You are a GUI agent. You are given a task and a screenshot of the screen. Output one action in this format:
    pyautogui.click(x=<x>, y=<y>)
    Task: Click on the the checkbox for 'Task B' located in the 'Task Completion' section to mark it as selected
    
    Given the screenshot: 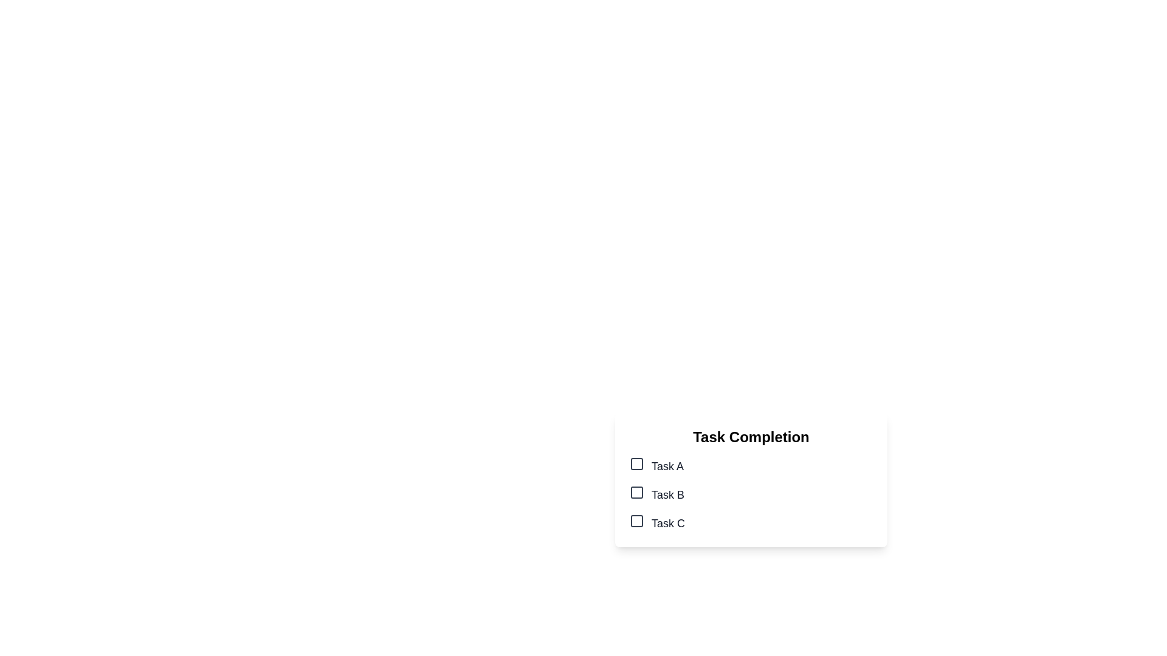 What is the action you would take?
    pyautogui.click(x=636, y=492)
    